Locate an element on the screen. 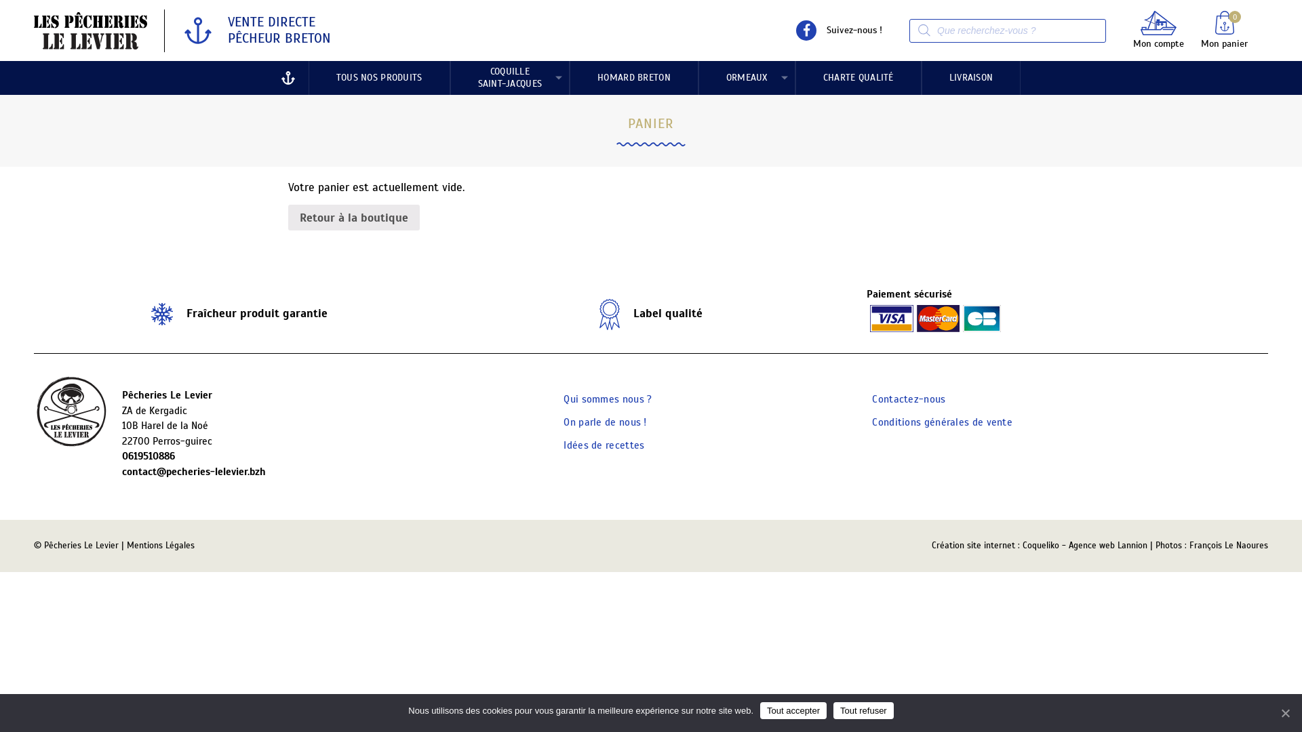 This screenshot has width=1302, height=732. '0619510886' is located at coordinates (122, 456).